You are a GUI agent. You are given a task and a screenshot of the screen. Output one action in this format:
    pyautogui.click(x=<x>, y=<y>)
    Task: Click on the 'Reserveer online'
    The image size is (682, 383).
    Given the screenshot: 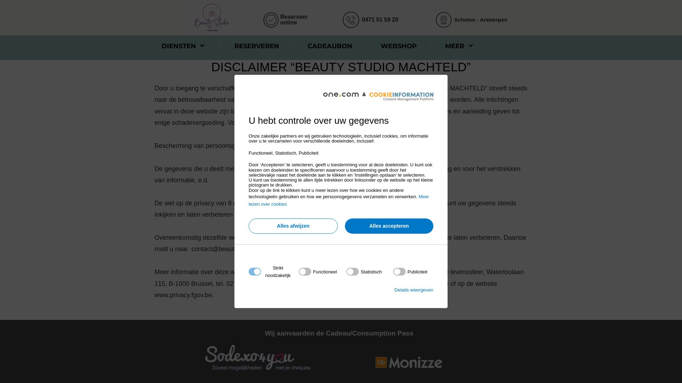 What is the action you would take?
    pyautogui.click(x=294, y=19)
    